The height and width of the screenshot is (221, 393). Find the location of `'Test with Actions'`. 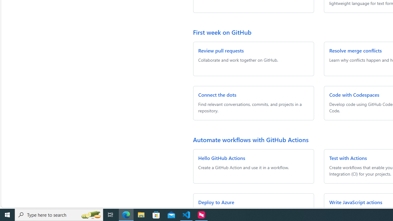

'Test with Actions' is located at coordinates (348, 157).